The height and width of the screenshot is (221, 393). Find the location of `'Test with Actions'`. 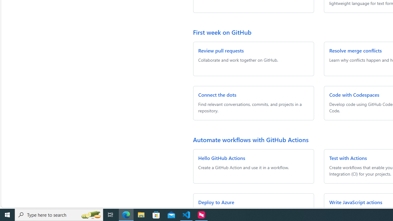

'Test with Actions' is located at coordinates (348, 157).